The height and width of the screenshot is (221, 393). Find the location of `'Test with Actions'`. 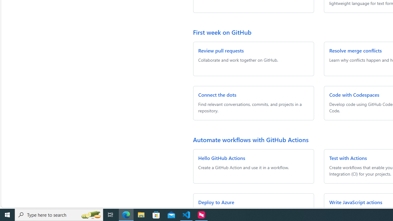

'Test with Actions' is located at coordinates (348, 157).